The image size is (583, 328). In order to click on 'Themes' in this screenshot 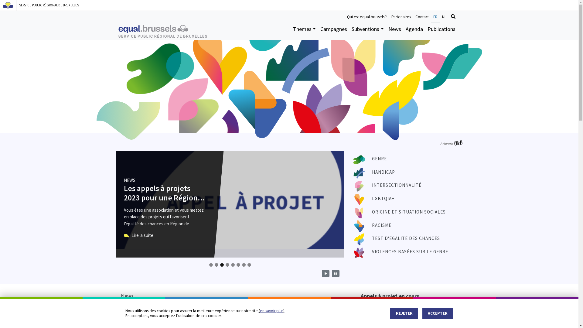, I will do `click(304, 31)`.